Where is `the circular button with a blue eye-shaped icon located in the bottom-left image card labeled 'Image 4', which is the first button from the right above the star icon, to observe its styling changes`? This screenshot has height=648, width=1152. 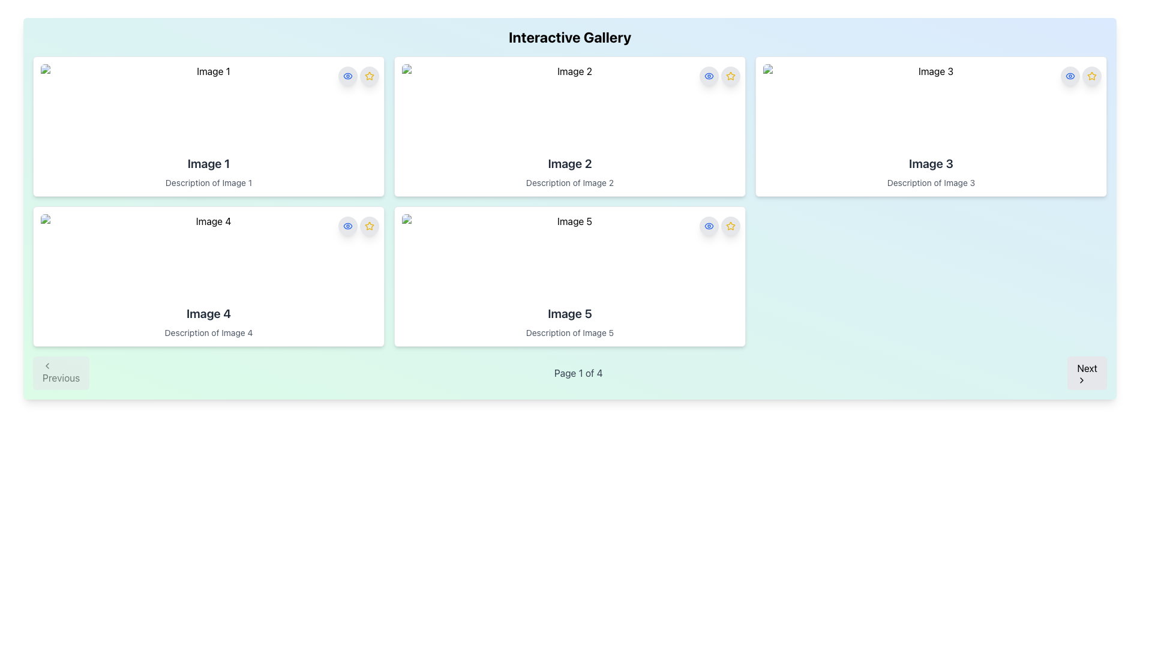
the circular button with a blue eye-shaped icon located in the bottom-left image card labeled 'Image 4', which is the first button from the right above the star icon, to observe its styling changes is located at coordinates (347, 226).